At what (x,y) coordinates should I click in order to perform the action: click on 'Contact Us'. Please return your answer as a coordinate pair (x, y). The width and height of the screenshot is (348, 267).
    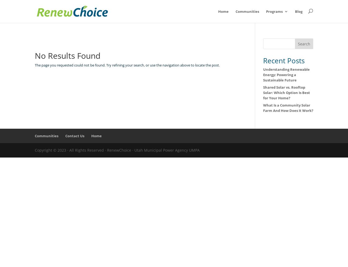
    Looking at the image, I should click on (75, 136).